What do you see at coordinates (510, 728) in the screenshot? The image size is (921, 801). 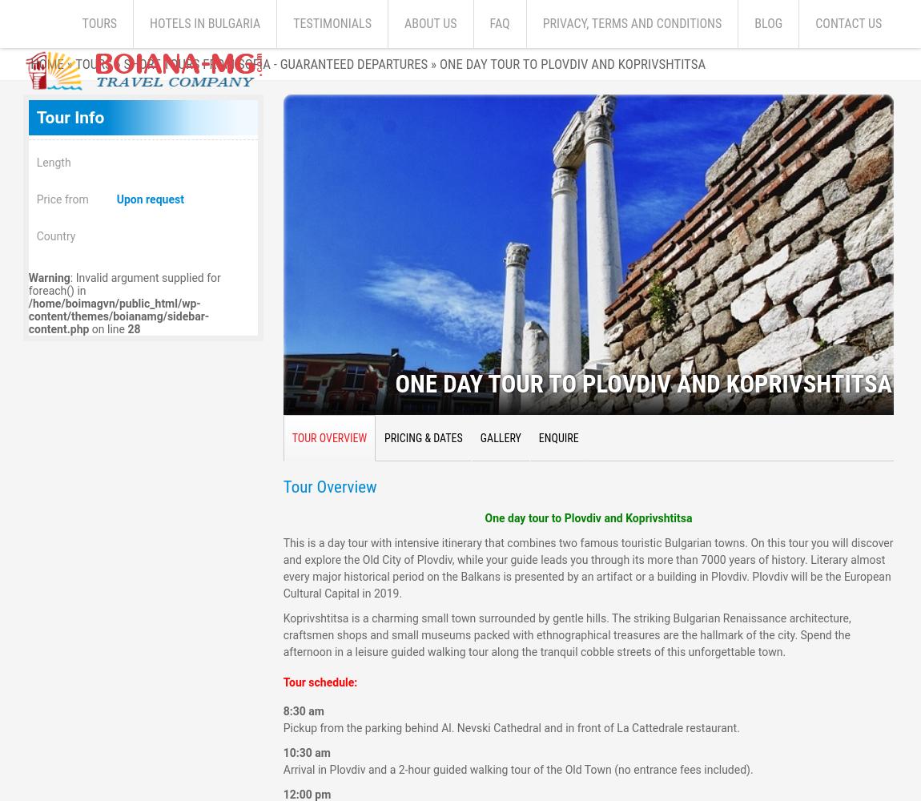 I see `'Pickup from the parking behind Al. Nevski Cathedral and in front of La Cattedrale restaurant.'` at bounding box center [510, 728].